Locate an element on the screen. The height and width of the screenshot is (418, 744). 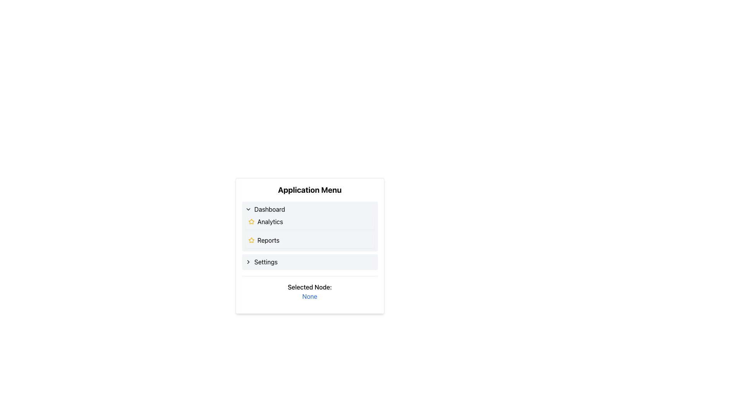
the navigational icon located to the left of the 'Settings' text in the last entry of the menu list is located at coordinates (248, 262).